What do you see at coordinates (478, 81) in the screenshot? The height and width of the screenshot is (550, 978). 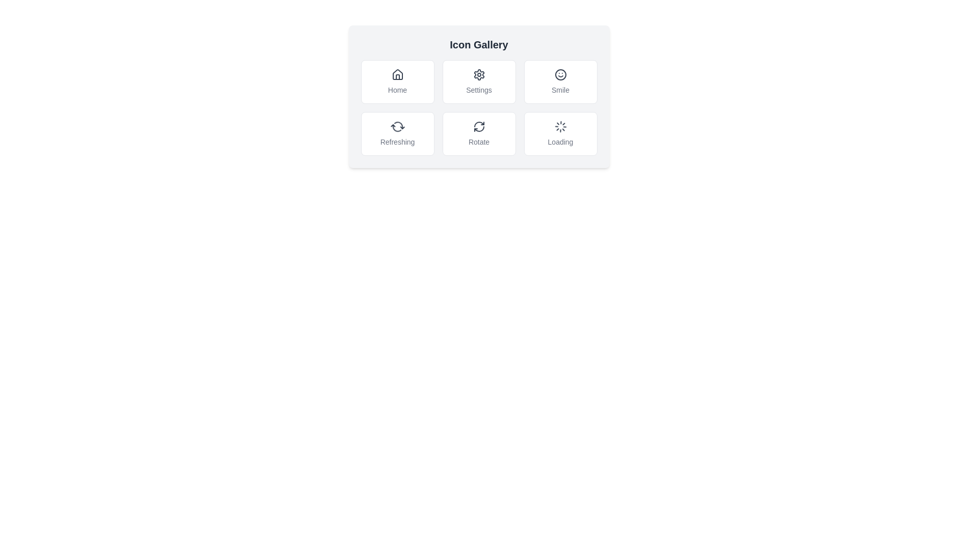 I see `the settings card element, which is a rectangular card with a gear icon and the text 'Settings' below it, located in the second position of the first row in a grid layout` at bounding box center [478, 81].